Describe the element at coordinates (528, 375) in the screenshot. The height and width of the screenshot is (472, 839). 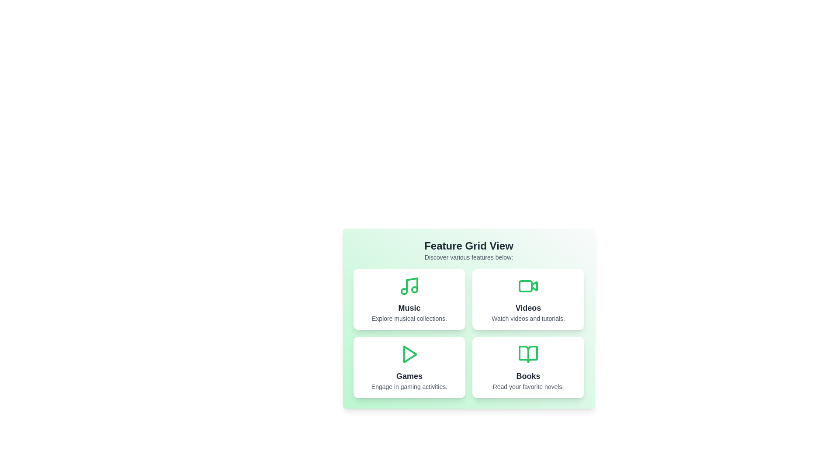
I see `the title of the feature Books` at that location.